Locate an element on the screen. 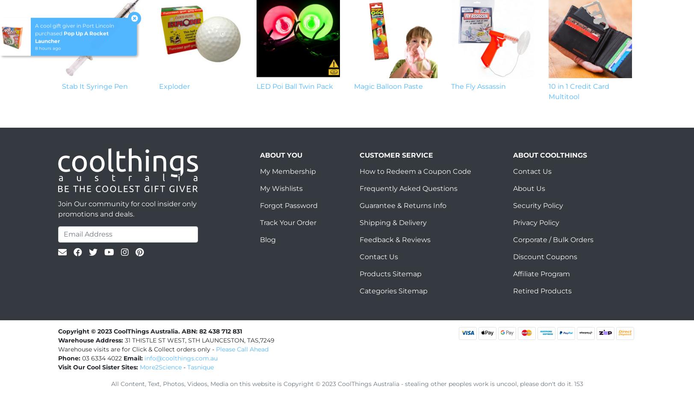 This screenshot has height=395, width=694. 'Warehouse Address:' is located at coordinates (90, 340).